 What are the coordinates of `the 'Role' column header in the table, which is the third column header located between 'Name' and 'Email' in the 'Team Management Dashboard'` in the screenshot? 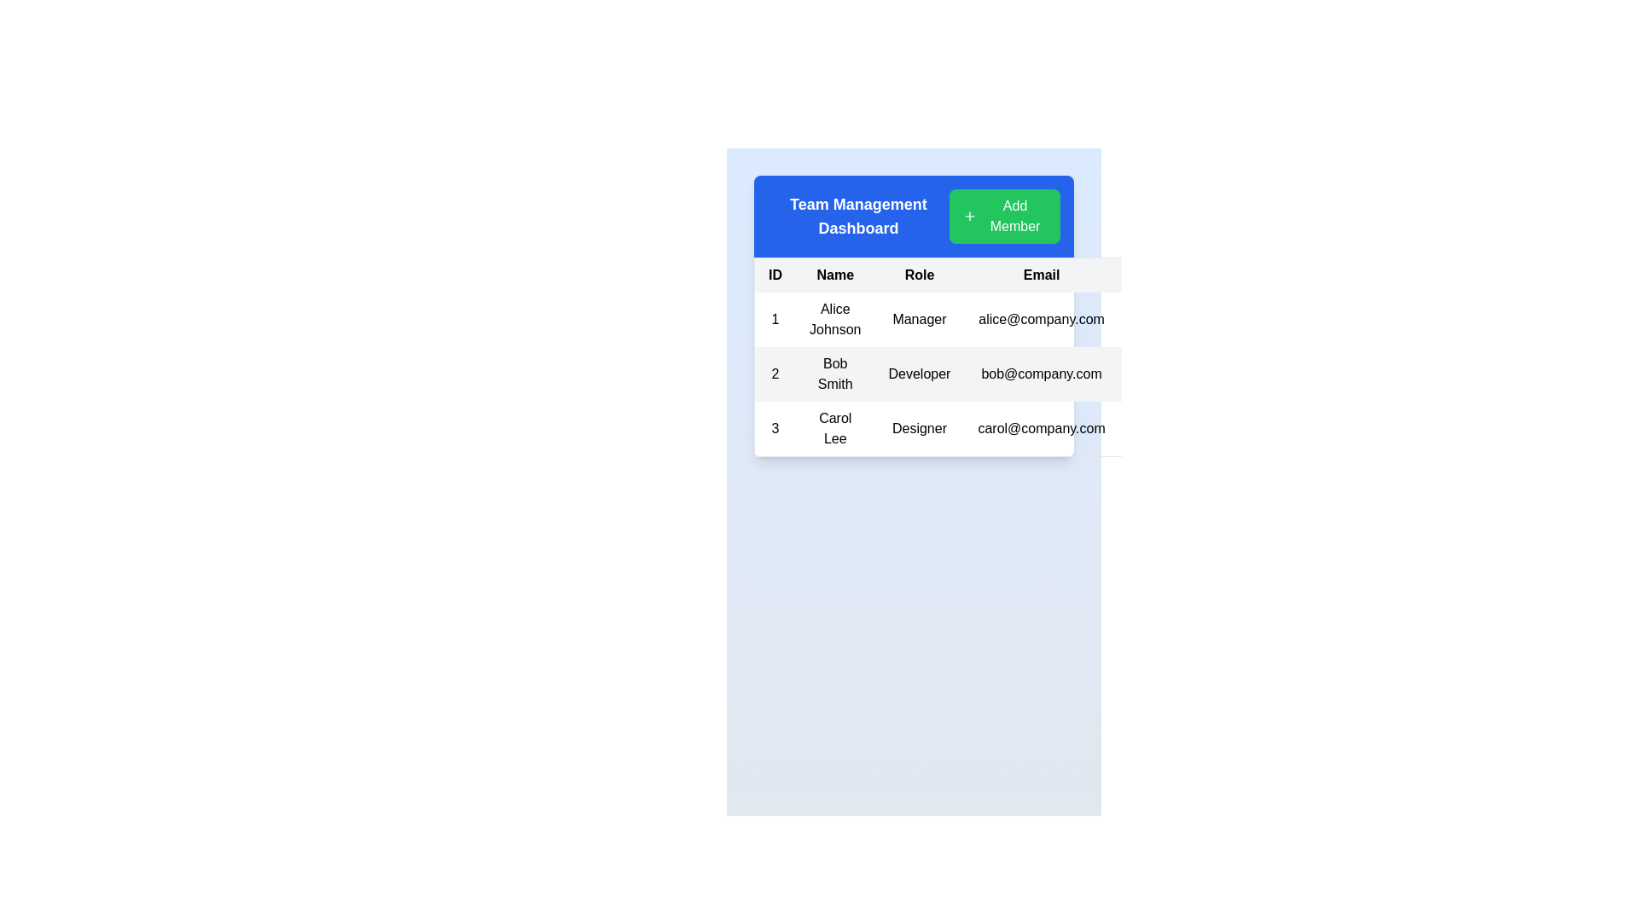 It's located at (918, 274).